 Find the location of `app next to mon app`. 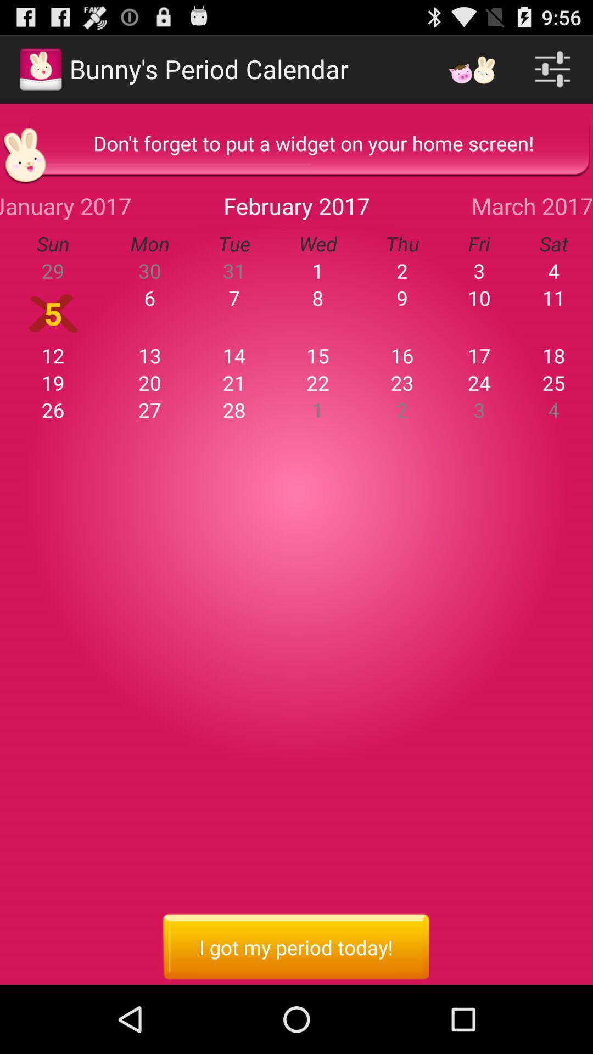

app next to mon app is located at coordinates (233, 271).